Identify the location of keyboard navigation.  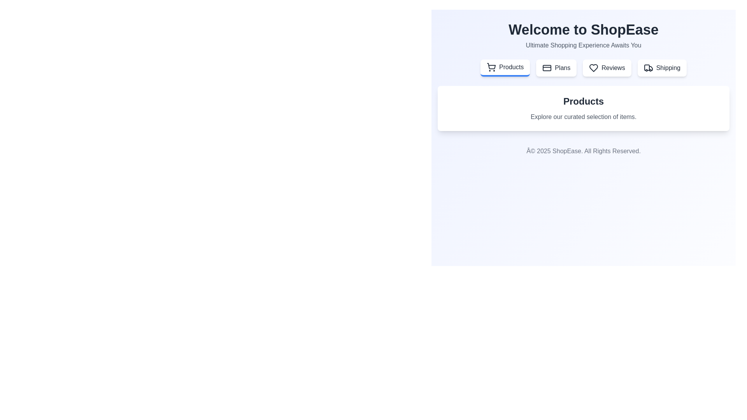
(505, 67).